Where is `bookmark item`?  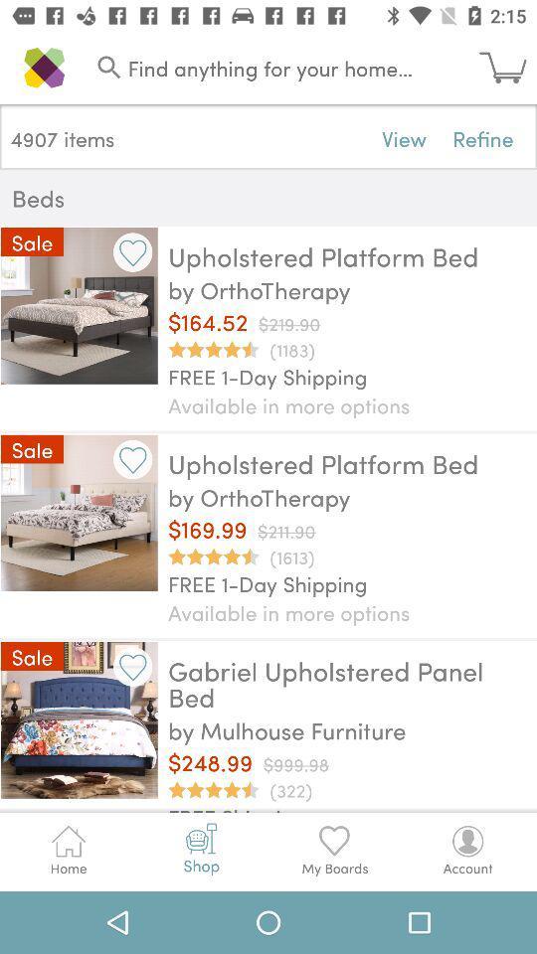 bookmark item is located at coordinates (132, 251).